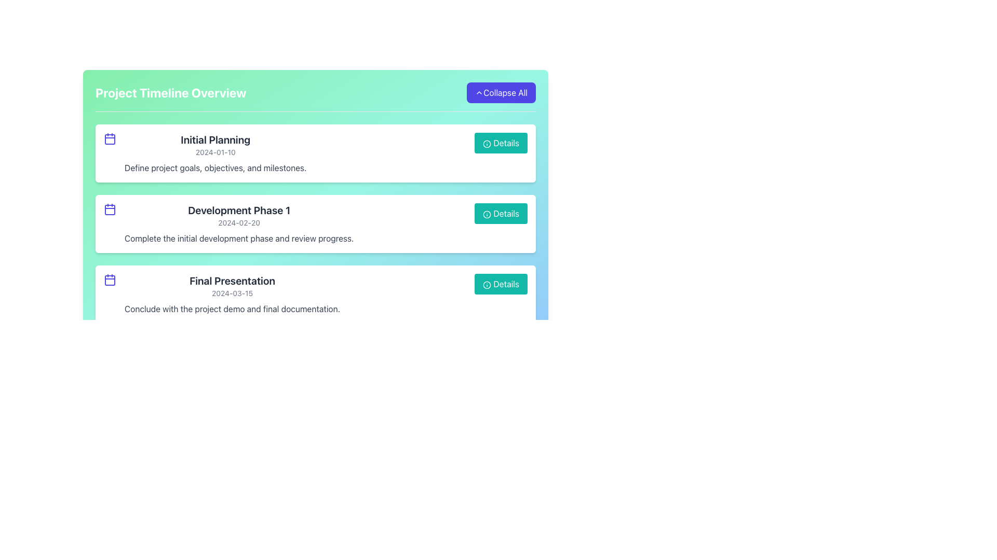 Image resolution: width=997 pixels, height=560 pixels. Describe the element at coordinates (110, 138) in the screenshot. I see `the calendar icon with a blue color tone located in the first card titled 'Initial Planning', positioned to the far left before the text content` at that location.